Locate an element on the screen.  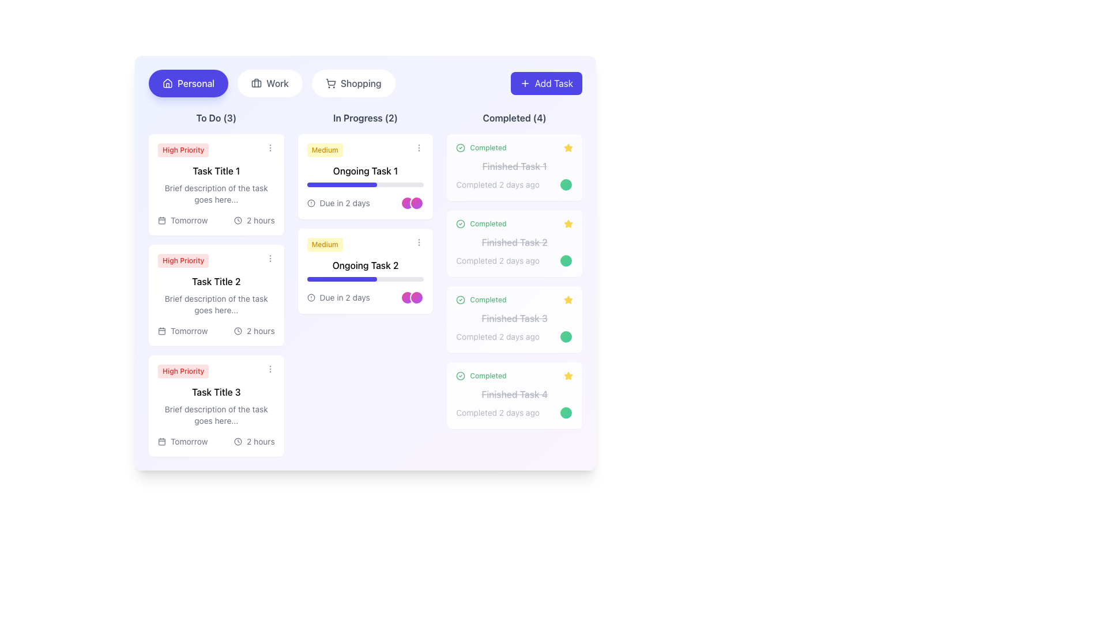
the circular icon with a green outline and a checkmark inside, located to the left of the text 'Completed' in the 'Completed' section of tasks is located at coordinates (460, 224).